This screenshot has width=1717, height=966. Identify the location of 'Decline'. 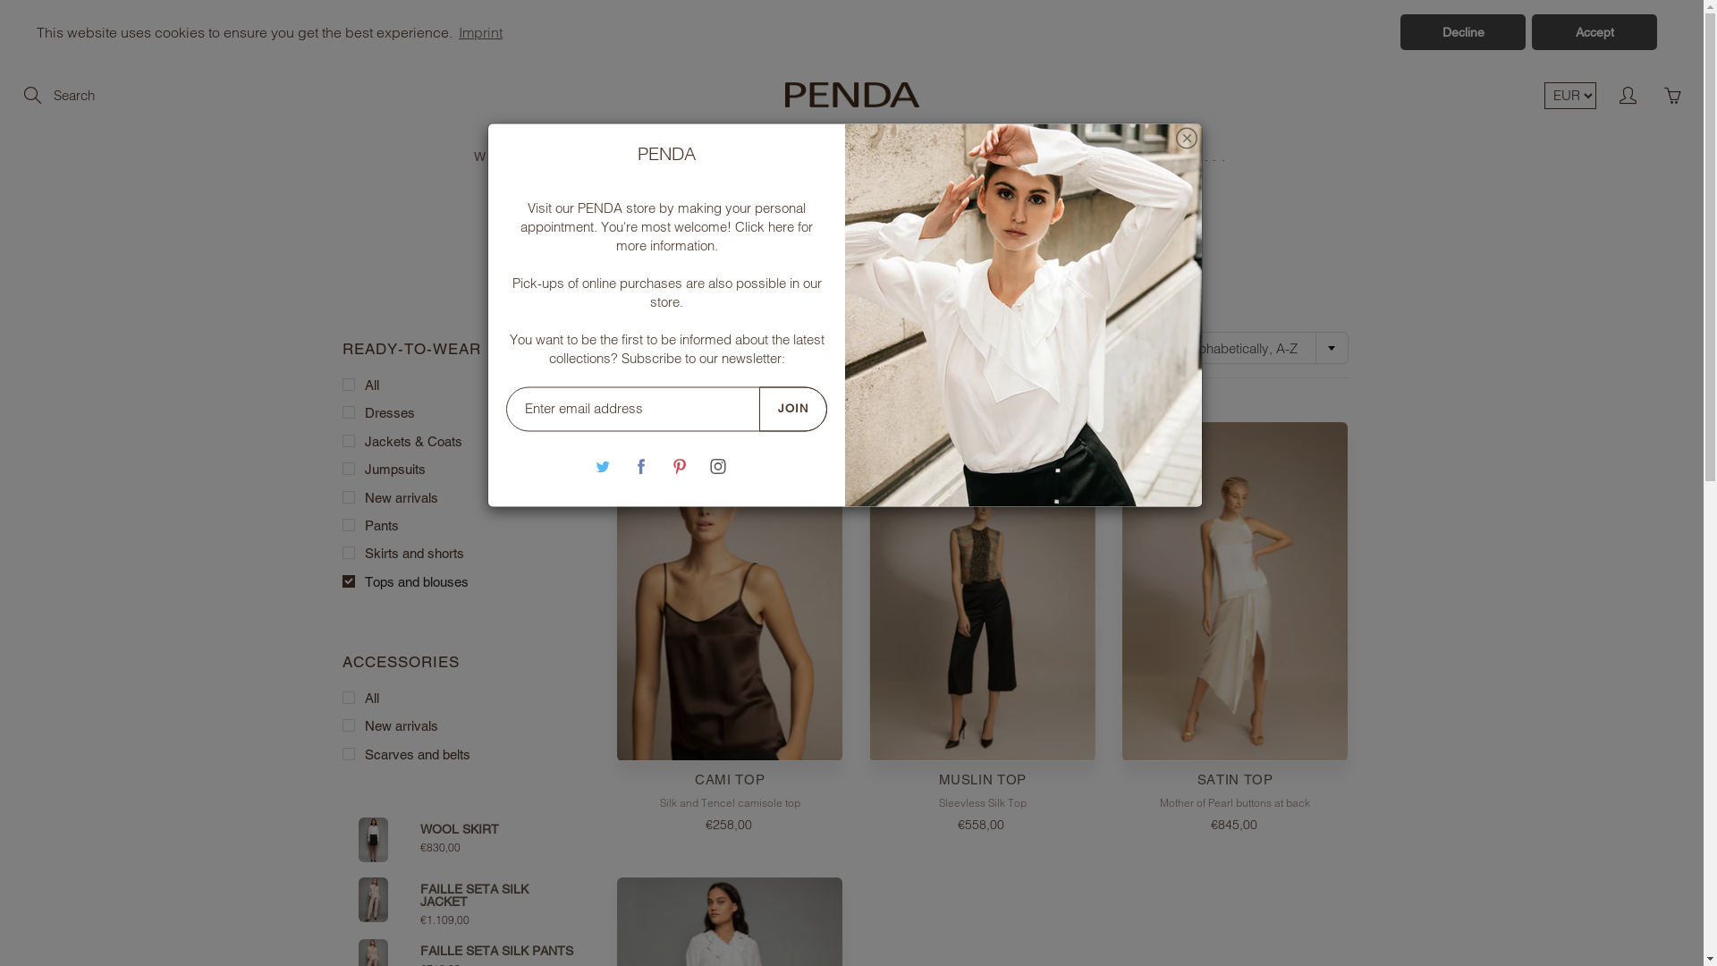
(1463, 31).